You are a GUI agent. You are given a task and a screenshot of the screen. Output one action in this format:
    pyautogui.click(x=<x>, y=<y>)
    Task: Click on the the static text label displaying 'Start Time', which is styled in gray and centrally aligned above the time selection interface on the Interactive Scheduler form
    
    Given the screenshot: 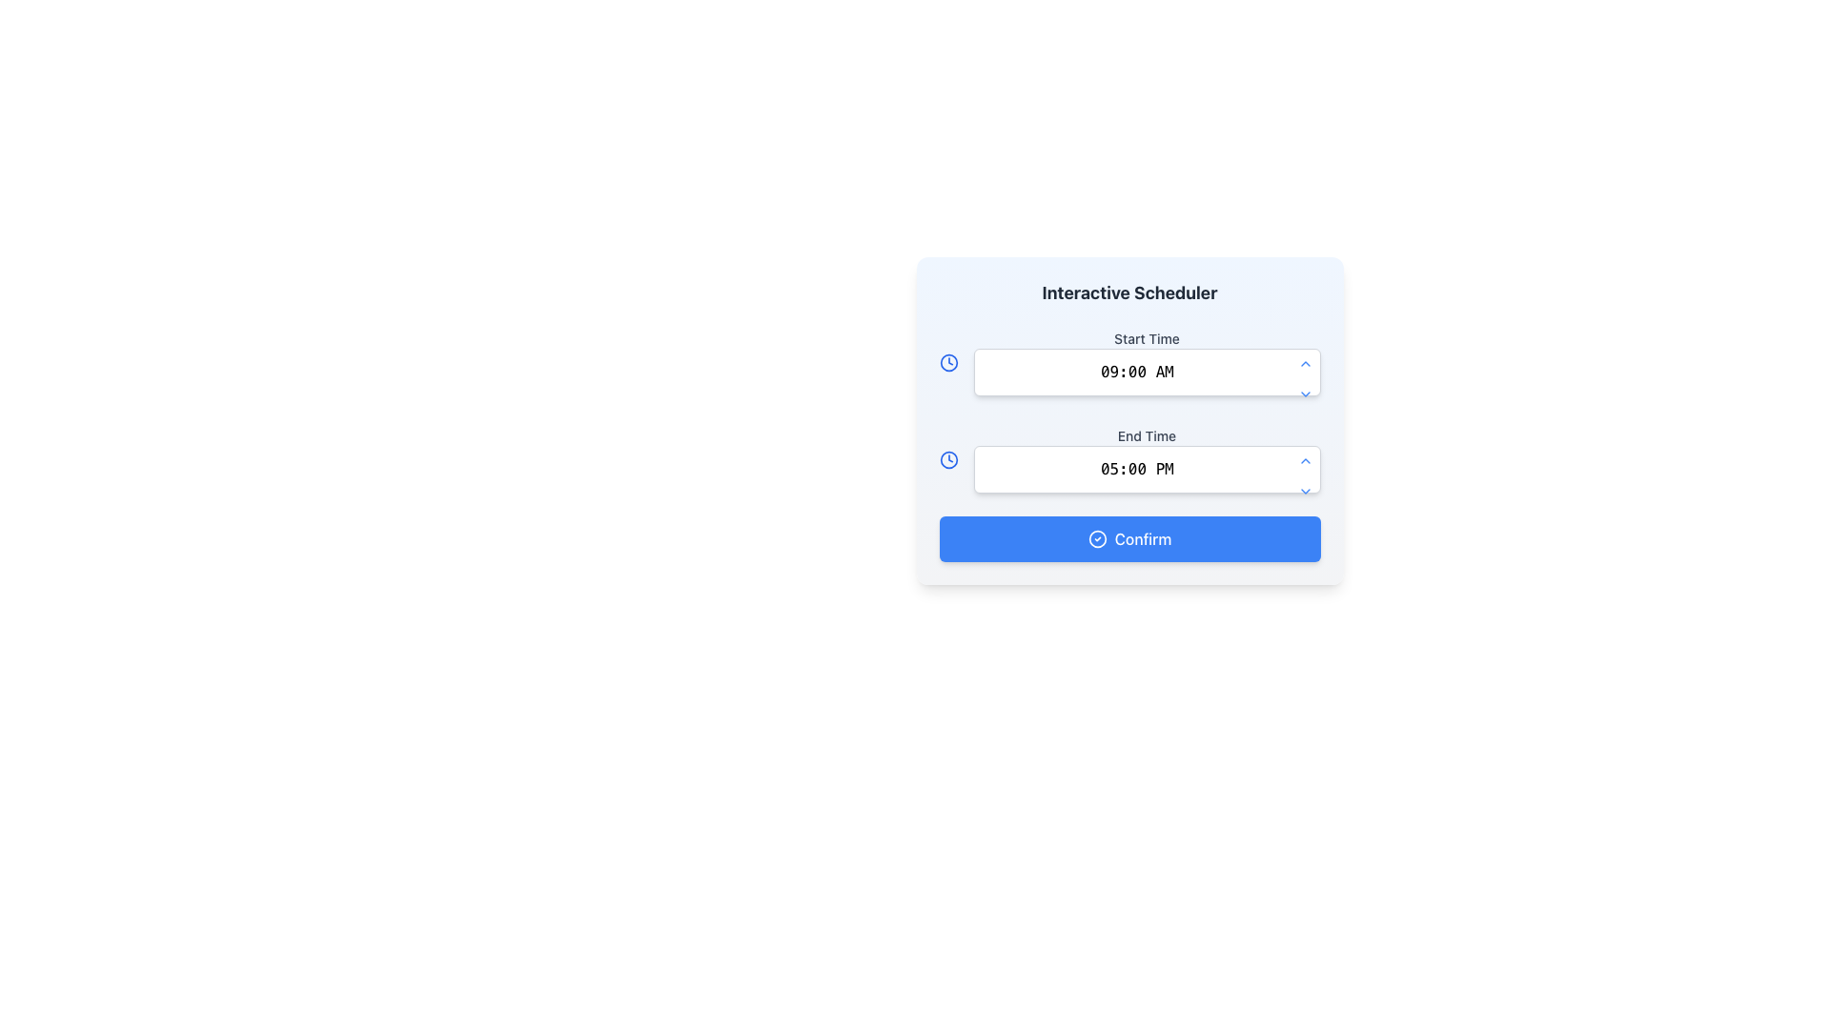 What is the action you would take?
    pyautogui.click(x=1146, y=337)
    